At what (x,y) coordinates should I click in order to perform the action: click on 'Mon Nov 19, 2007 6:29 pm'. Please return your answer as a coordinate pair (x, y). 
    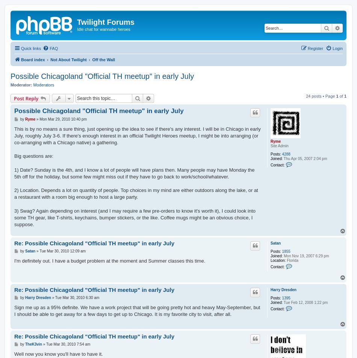
    Looking at the image, I should click on (305, 256).